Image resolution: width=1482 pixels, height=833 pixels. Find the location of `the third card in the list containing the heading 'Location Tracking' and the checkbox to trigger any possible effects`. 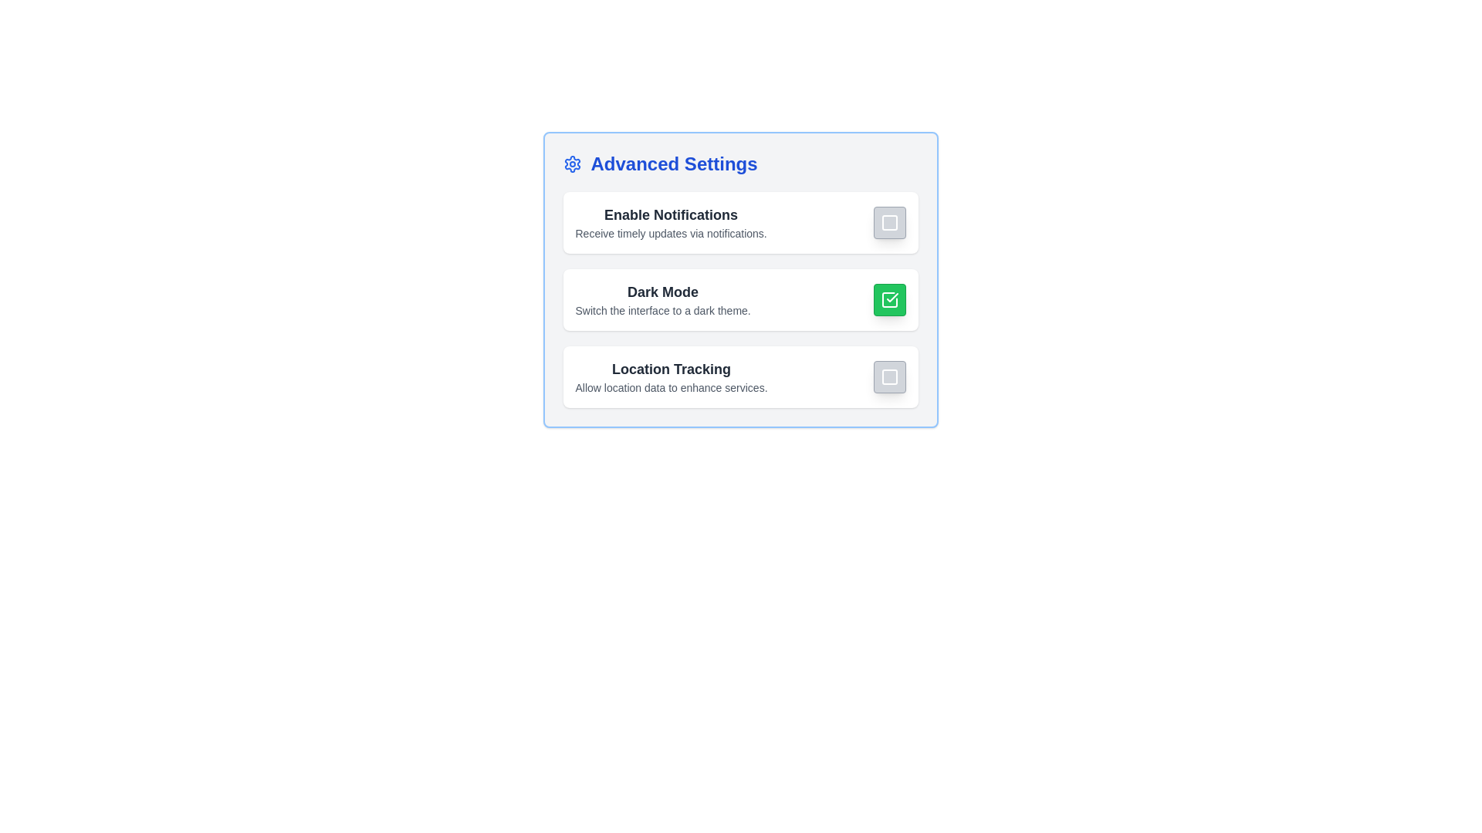

the third card in the list containing the heading 'Location Tracking' and the checkbox to trigger any possible effects is located at coordinates (739, 377).